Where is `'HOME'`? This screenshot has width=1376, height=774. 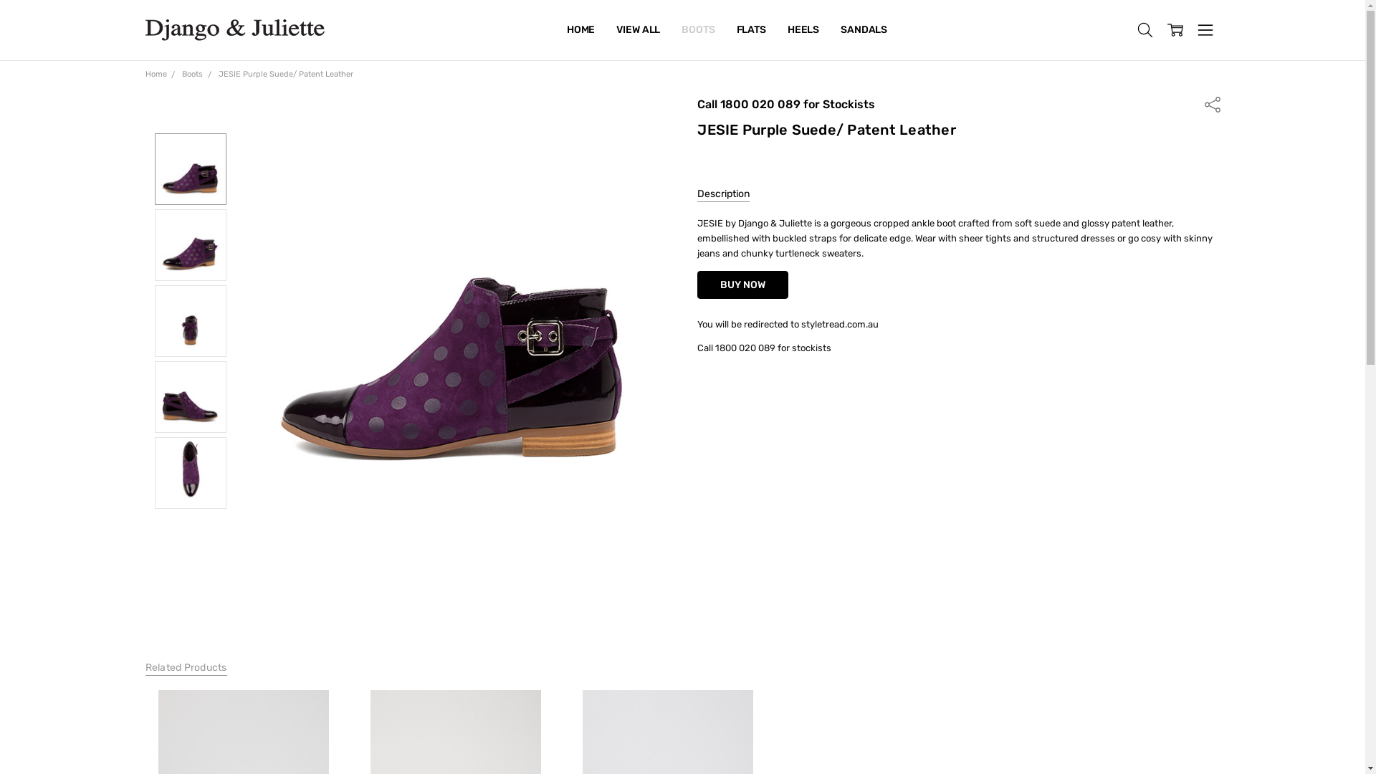 'HOME' is located at coordinates (580, 30).